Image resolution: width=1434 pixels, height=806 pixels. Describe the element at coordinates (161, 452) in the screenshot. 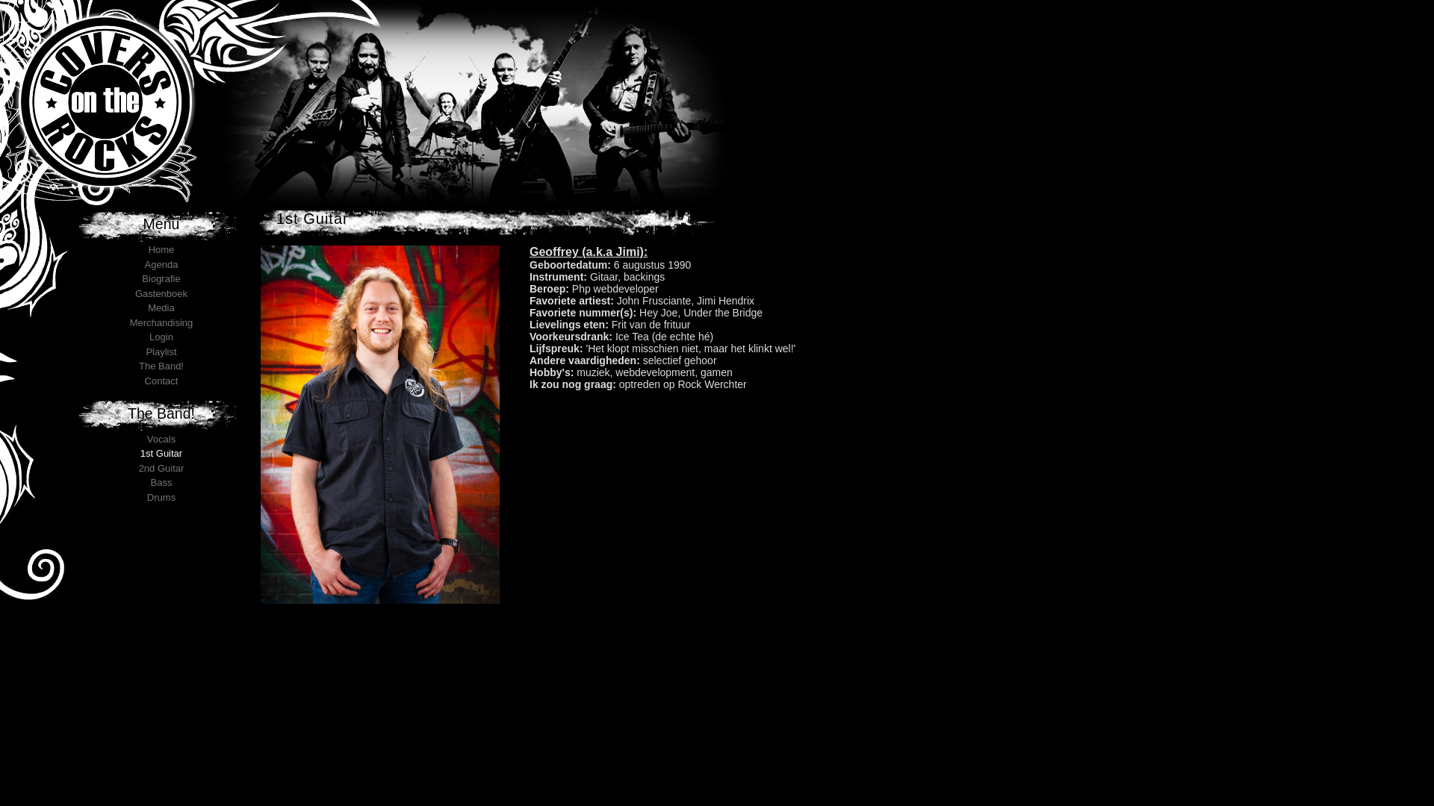

I see `'1st Guitar'` at that location.